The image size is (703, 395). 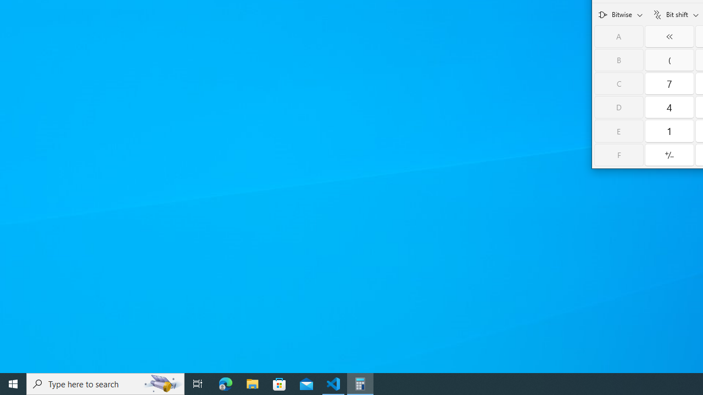 What do you see at coordinates (669, 36) in the screenshot?
I see `'Left shift'` at bounding box center [669, 36].